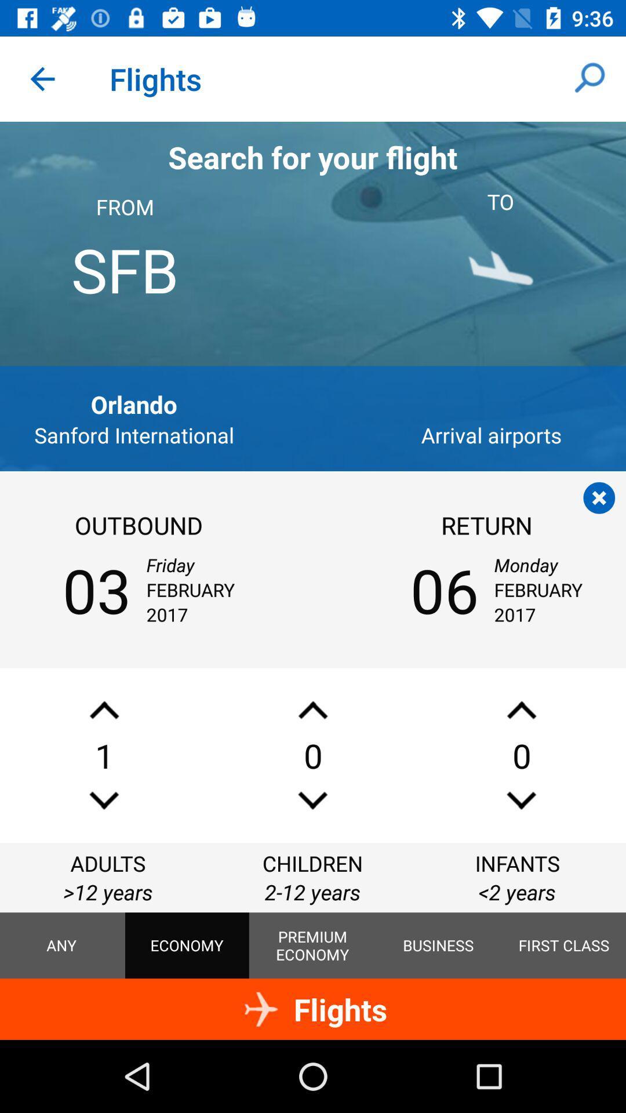 The width and height of the screenshot is (626, 1113). What do you see at coordinates (104, 710) in the screenshot?
I see `increase adult ticket amount` at bounding box center [104, 710].